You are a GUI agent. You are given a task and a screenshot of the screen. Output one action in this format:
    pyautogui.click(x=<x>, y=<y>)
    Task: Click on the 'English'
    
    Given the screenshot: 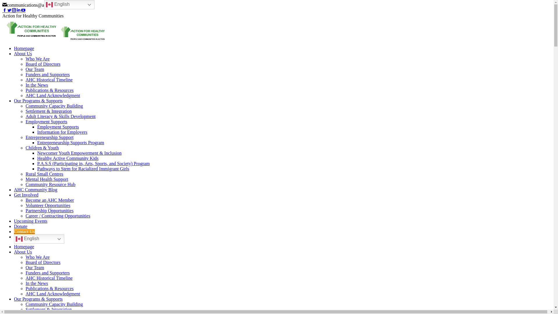 What is the action you would take?
    pyautogui.click(x=69, y=4)
    